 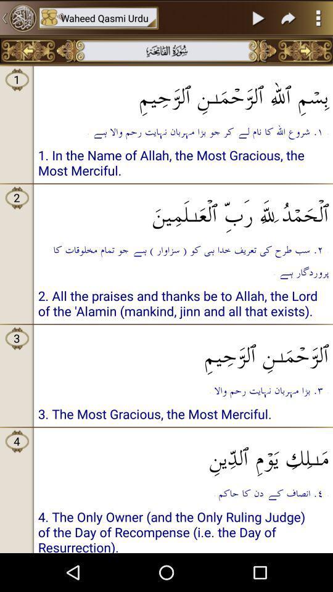 I want to click on the icon to the right of 4 icon, so click(x=183, y=454).